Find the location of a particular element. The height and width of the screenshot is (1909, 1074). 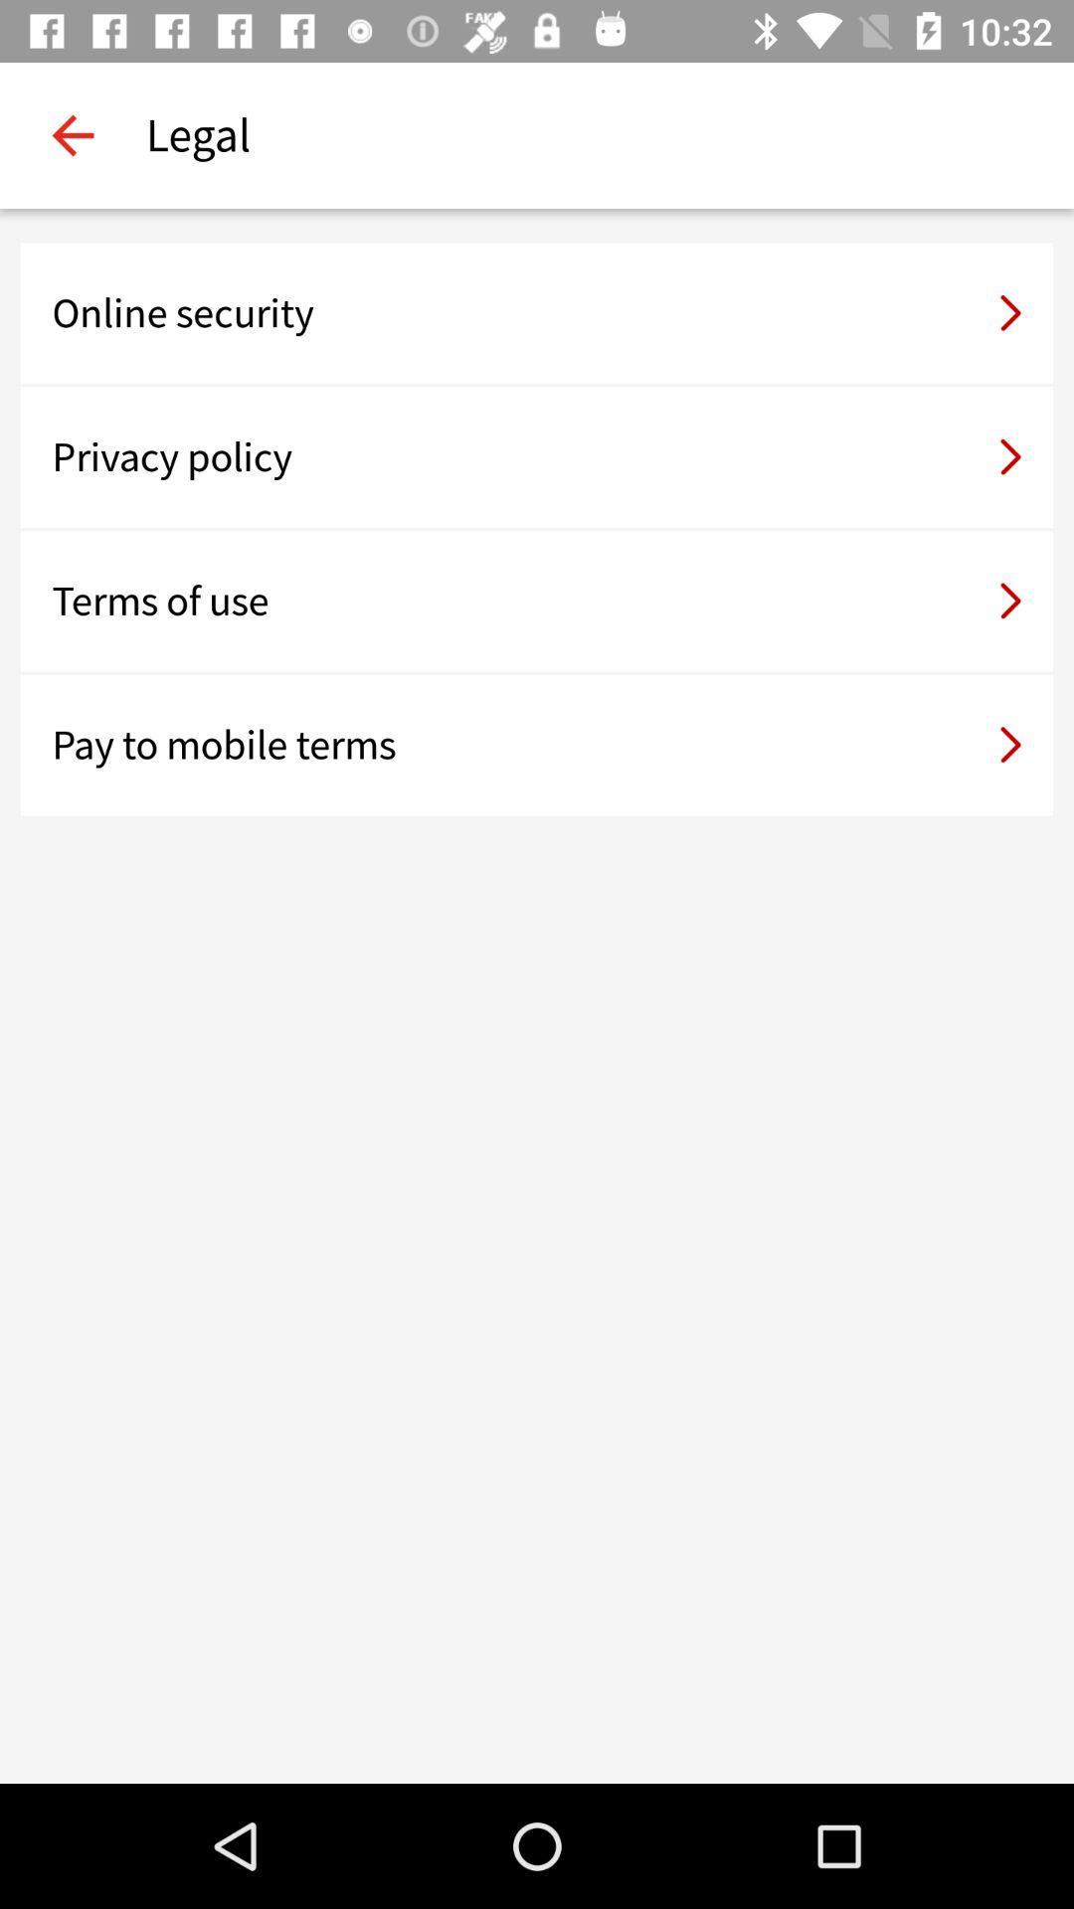

pay to mobile at the center is located at coordinates (537, 744).